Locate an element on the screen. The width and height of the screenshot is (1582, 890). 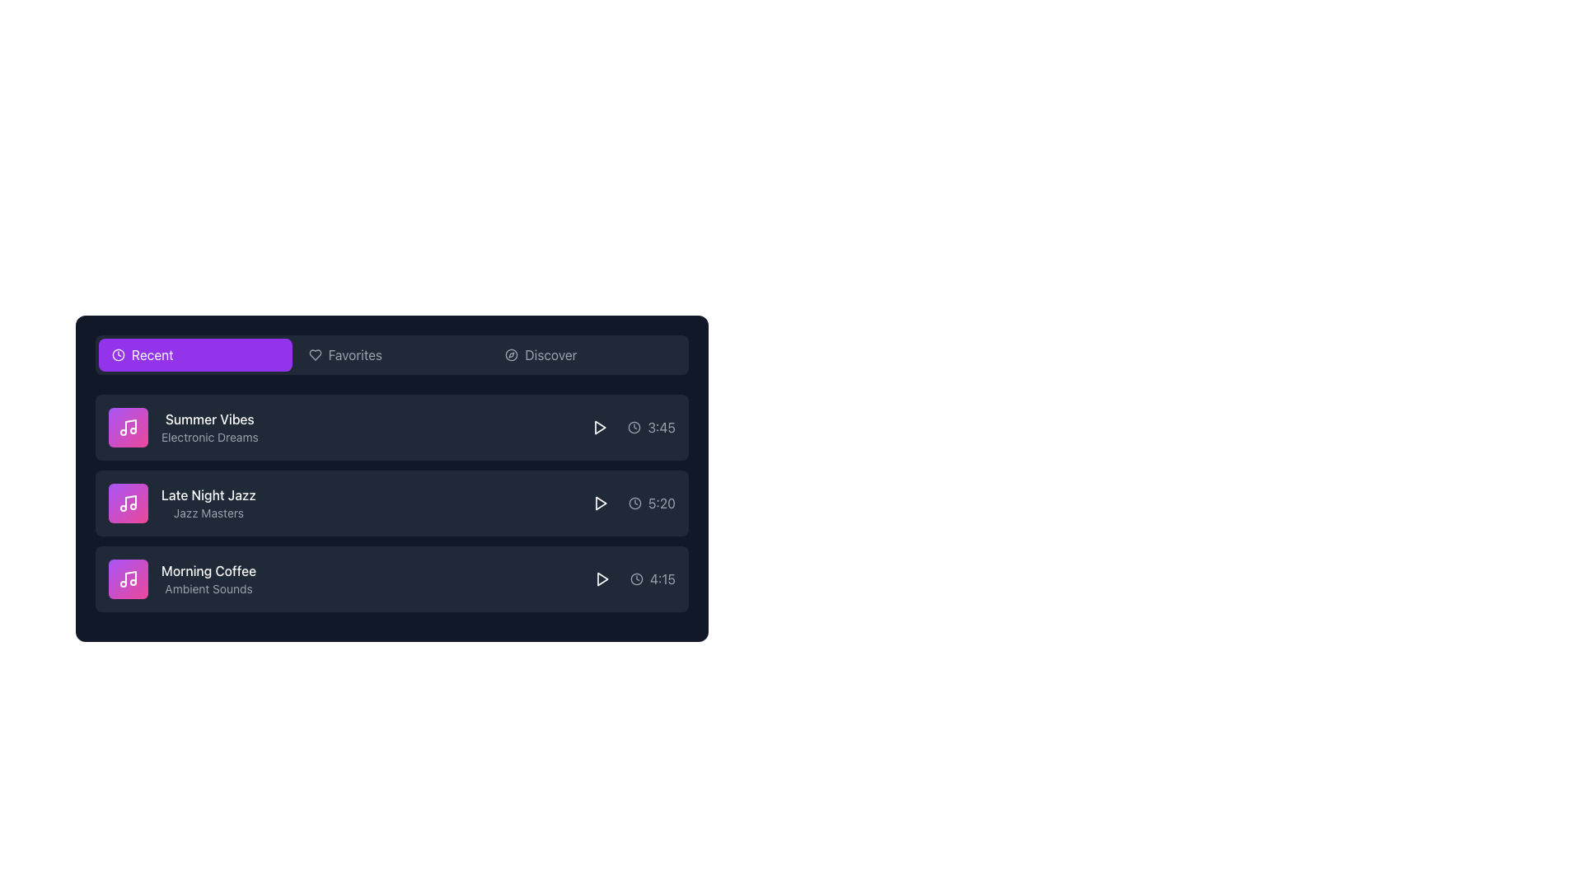
the SVG Circle located at the bottom right corner of the interface, adjacent to the clock icon and the time value '4:15' is located at coordinates (635, 578).